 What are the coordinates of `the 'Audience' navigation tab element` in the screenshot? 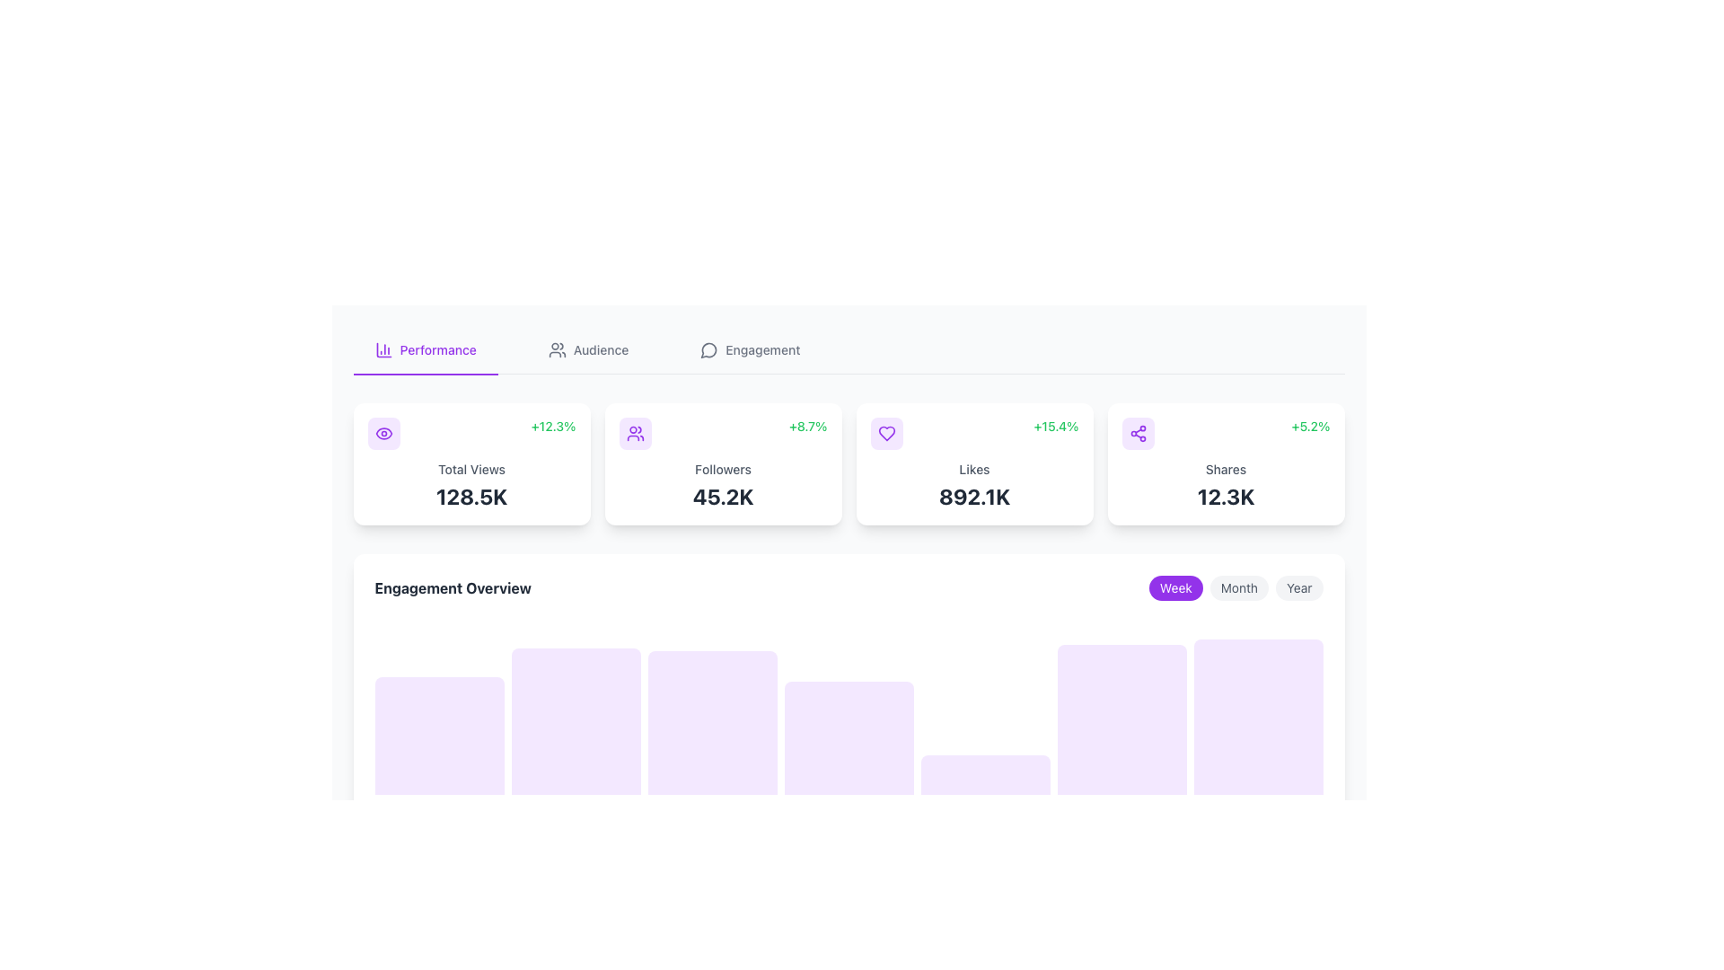 It's located at (588, 349).